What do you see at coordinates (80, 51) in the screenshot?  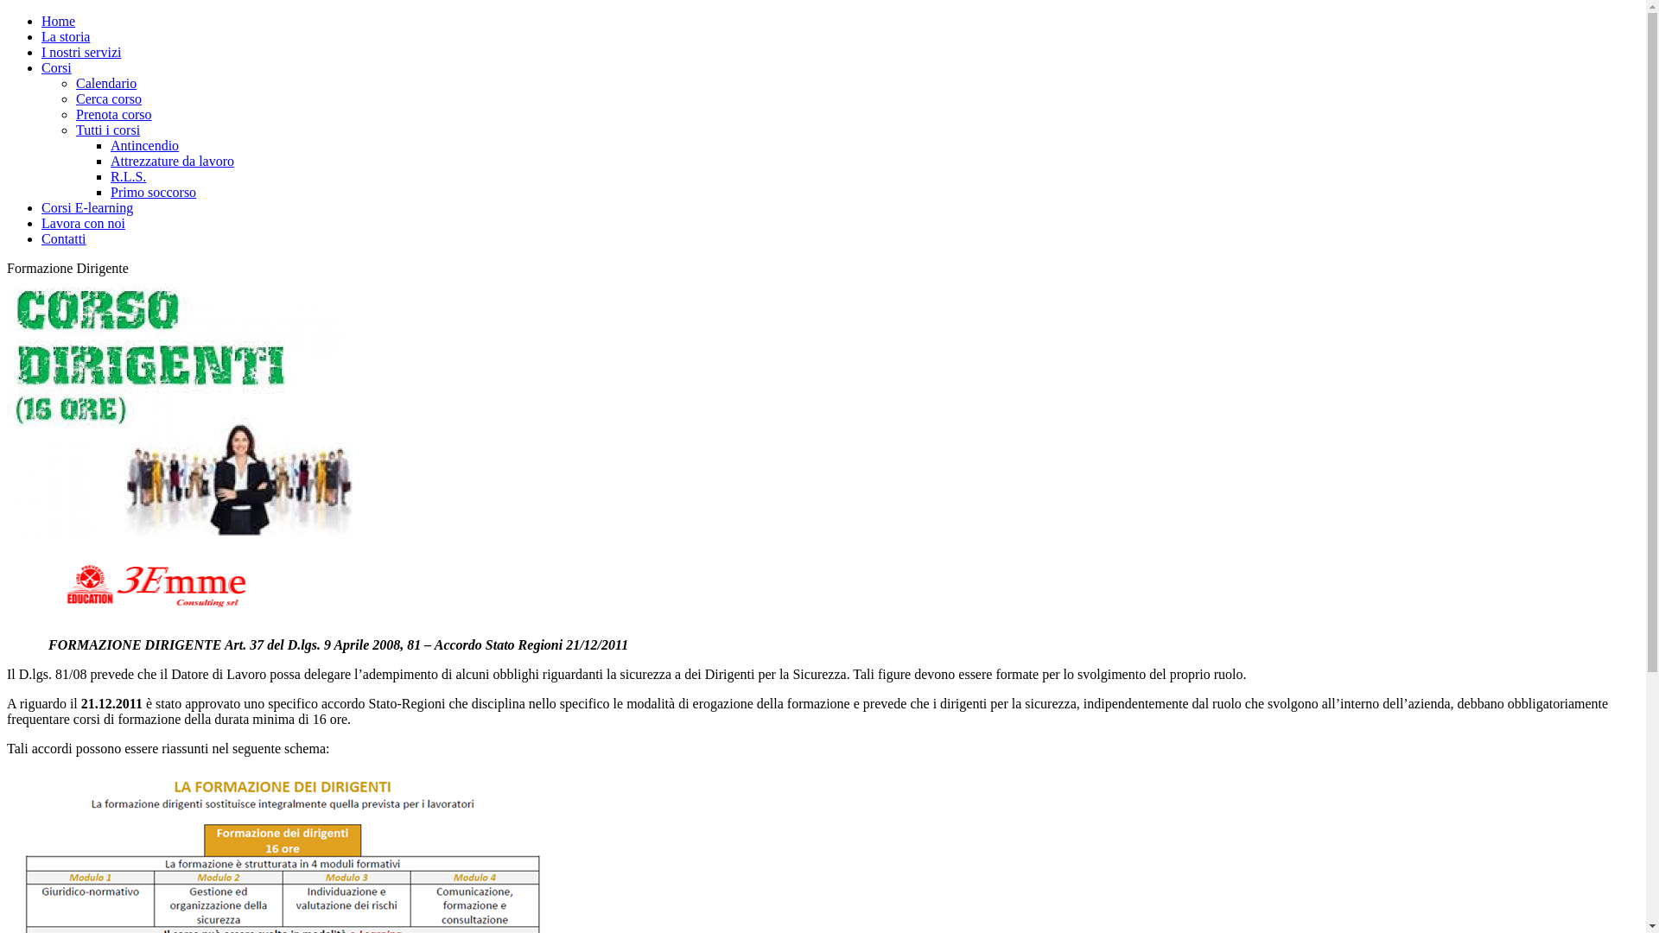 I see `'I nostri servizi'` at bounding box center [80, 51].